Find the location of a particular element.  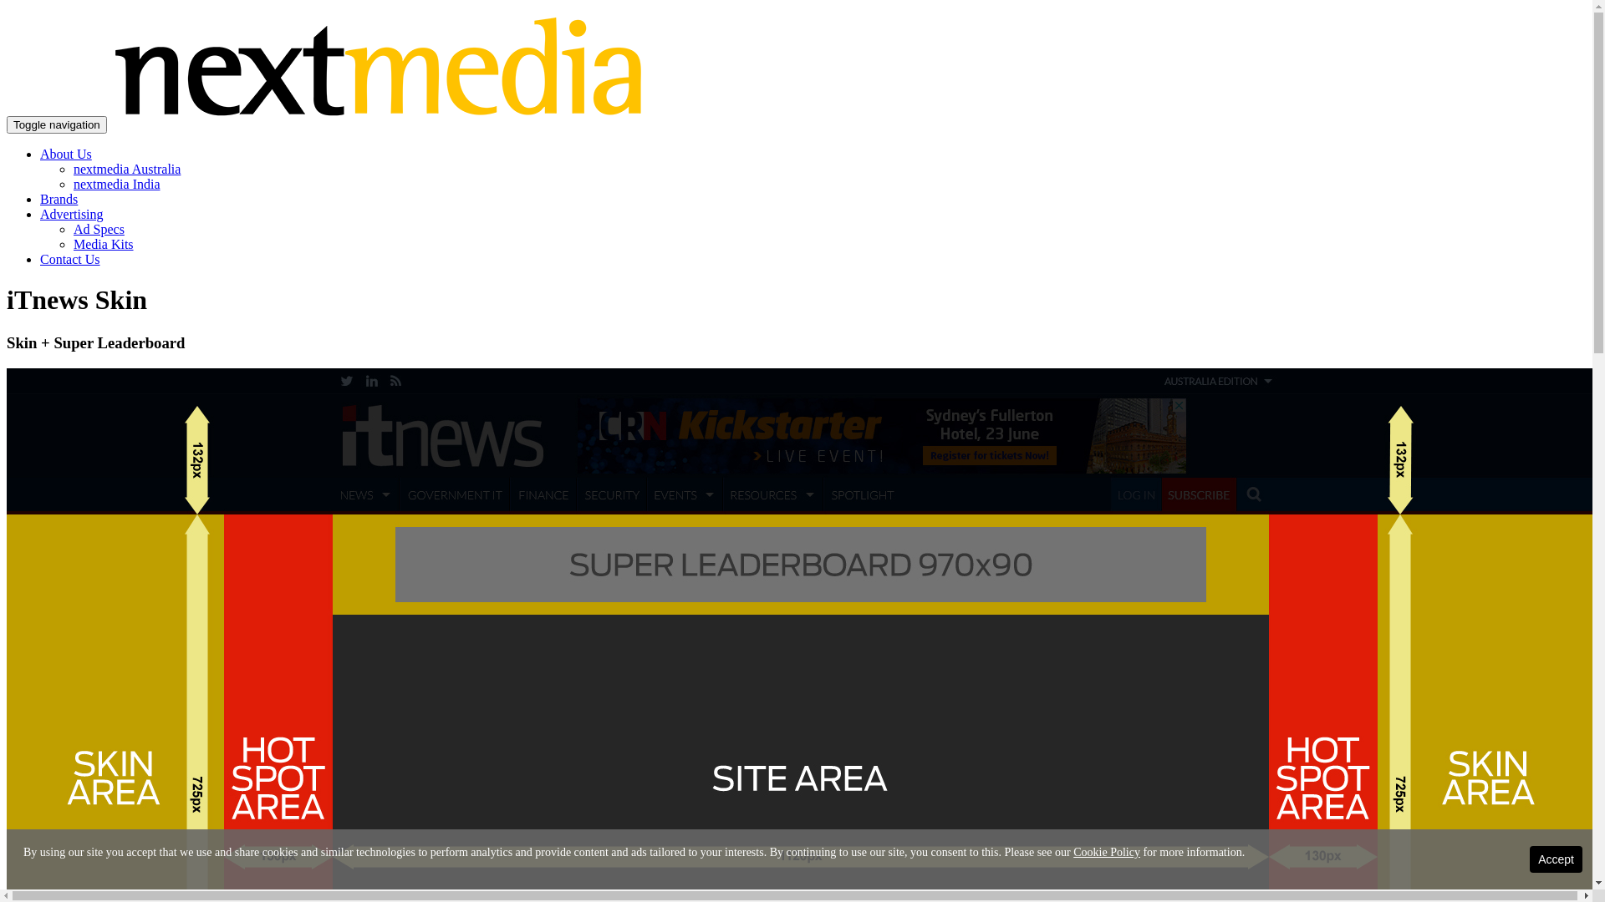

'nextmedia Australia' is located at coordinates (126, 169).